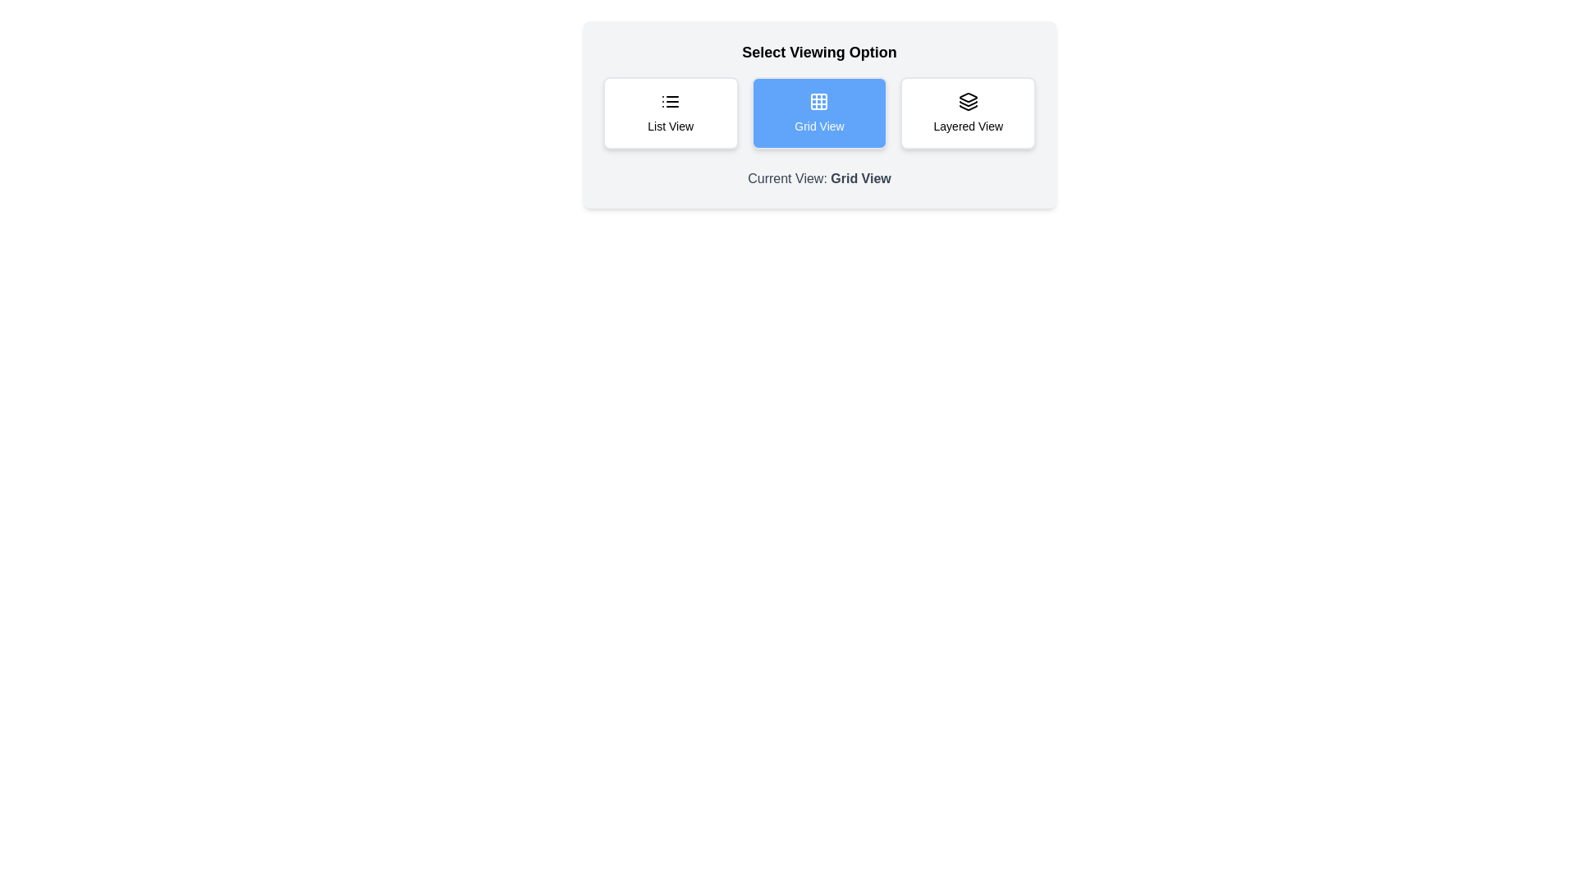 The image size is (1576, 887). What do you see at coordinates (819, 113) in the screenshot?
I see `the 'Grid View' button, which is a rectangular UI component with a light blue background and white text` at bounding box center [819, 113].